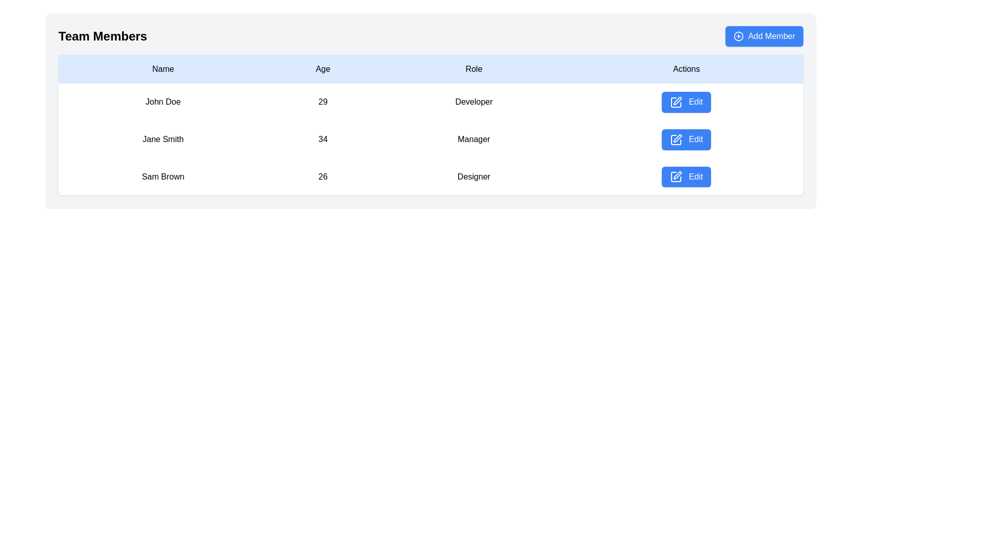  I want to click on the 'Developer' text label located in the 'Team Members' section, which is displayed in bold black font within a light-colored rectangular area, positioned in the third column of the first row under the 'Role' header, so click(473, 102).